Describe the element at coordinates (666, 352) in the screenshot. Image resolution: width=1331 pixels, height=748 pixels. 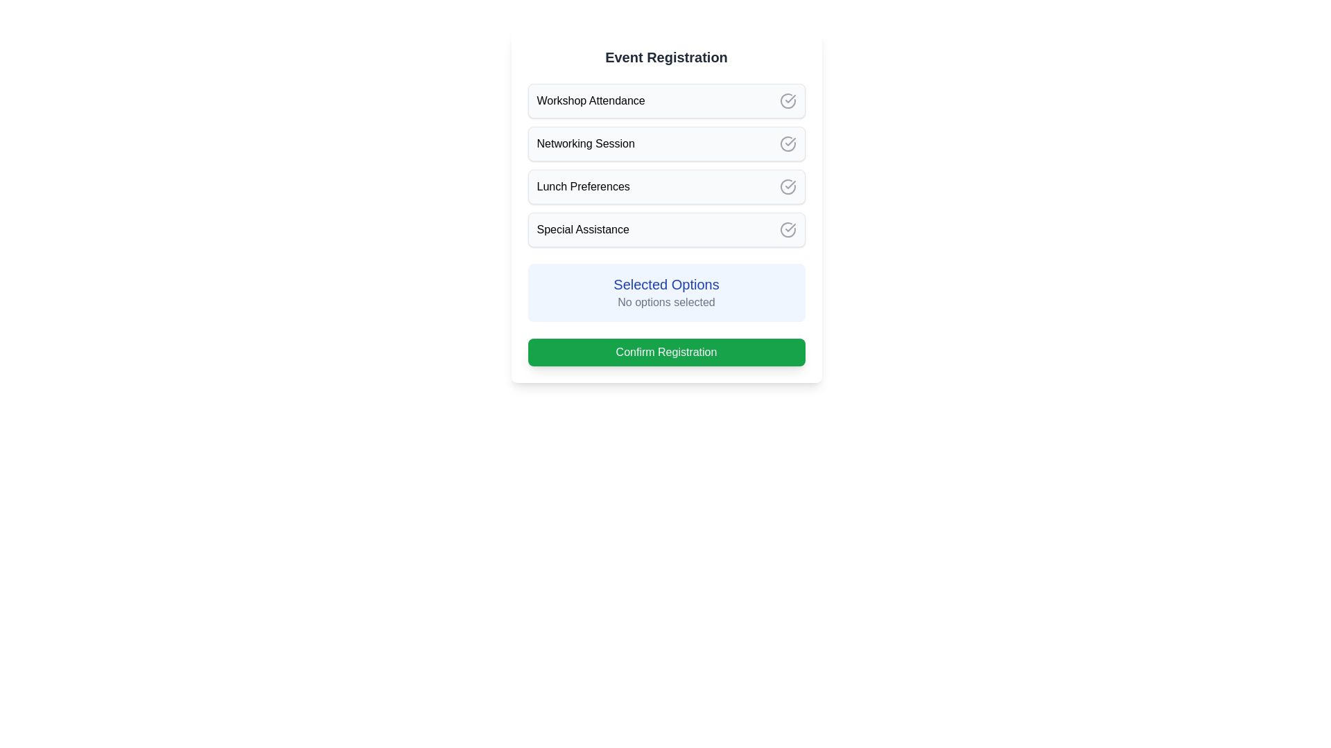
I see `the confirmation button located at the bottom of the 'Event Registration' card to confirm registration for the event` at that location.